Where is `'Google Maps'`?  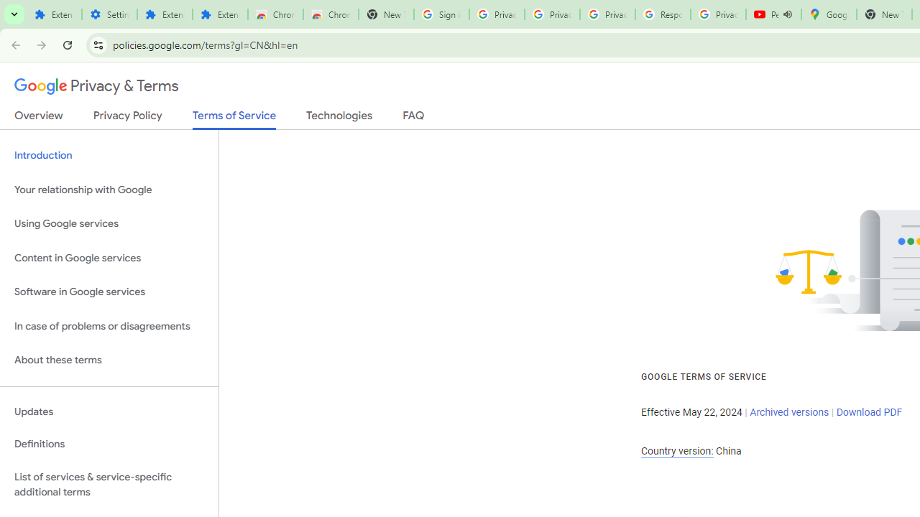 'Google Maps' is located at coordinates (829, 14).